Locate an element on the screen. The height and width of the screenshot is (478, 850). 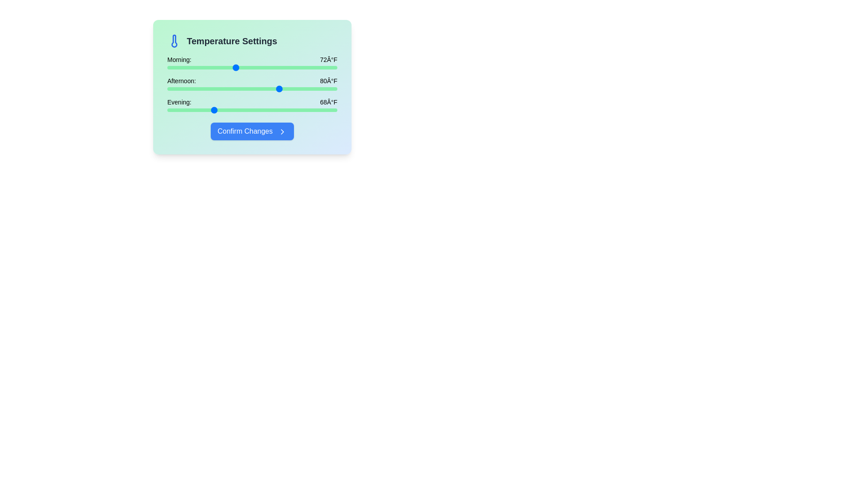
the evening temperature slider to 61°F is located at coordinates (173, 110).